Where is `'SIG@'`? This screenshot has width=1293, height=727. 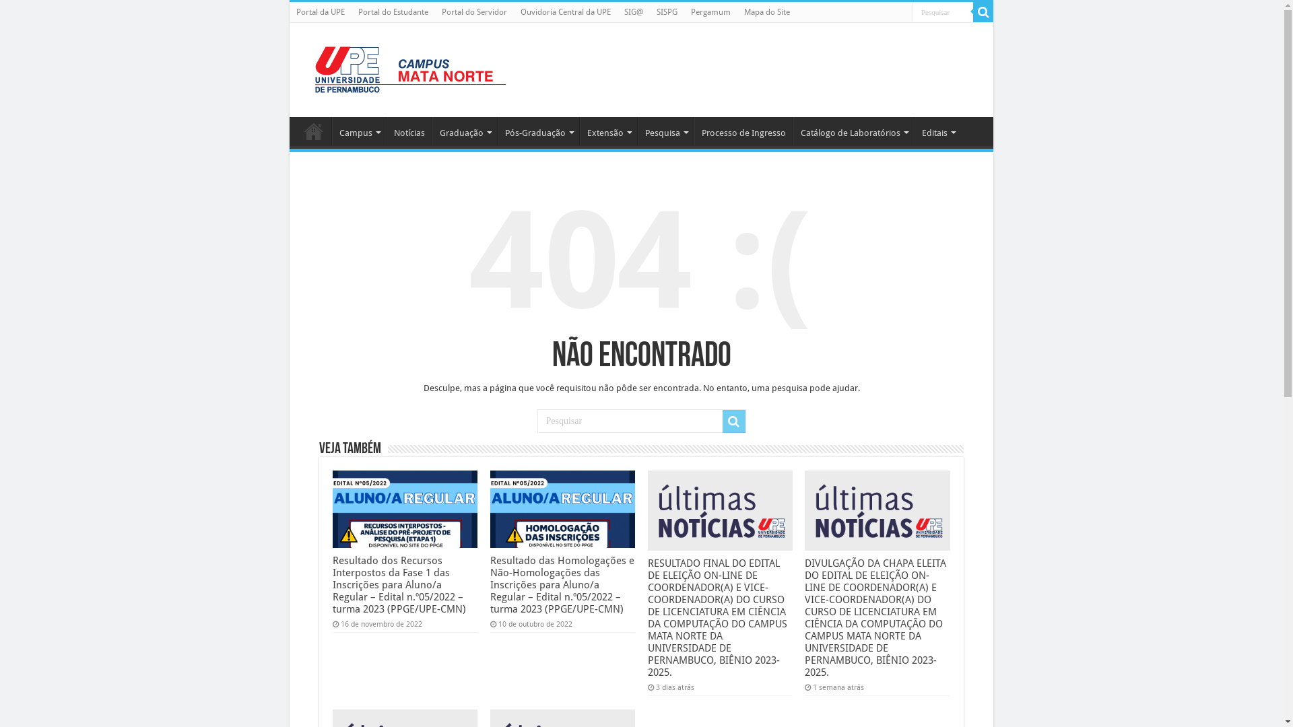 'SIG@' is located at coordinates (632, 12).